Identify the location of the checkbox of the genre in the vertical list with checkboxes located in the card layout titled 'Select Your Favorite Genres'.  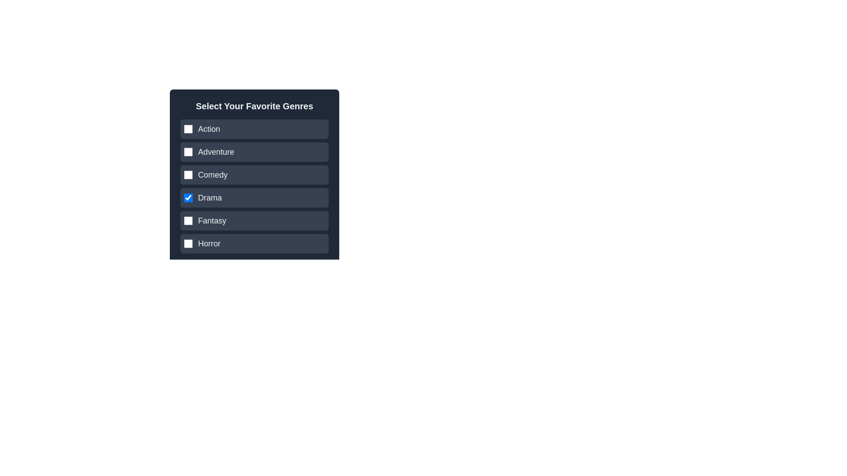
(254, 186).